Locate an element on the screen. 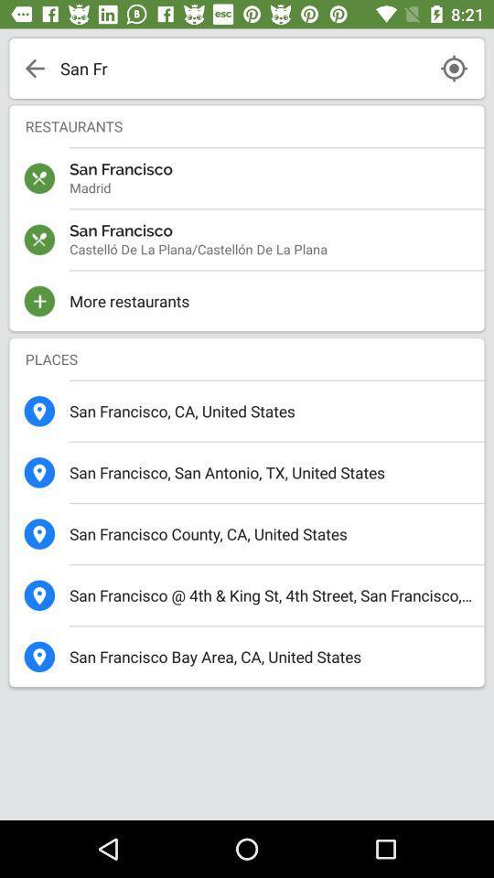 The height and width of the screenshot is (878, 494). the arrow present on the top left corner is located at coordinates (35, 68).